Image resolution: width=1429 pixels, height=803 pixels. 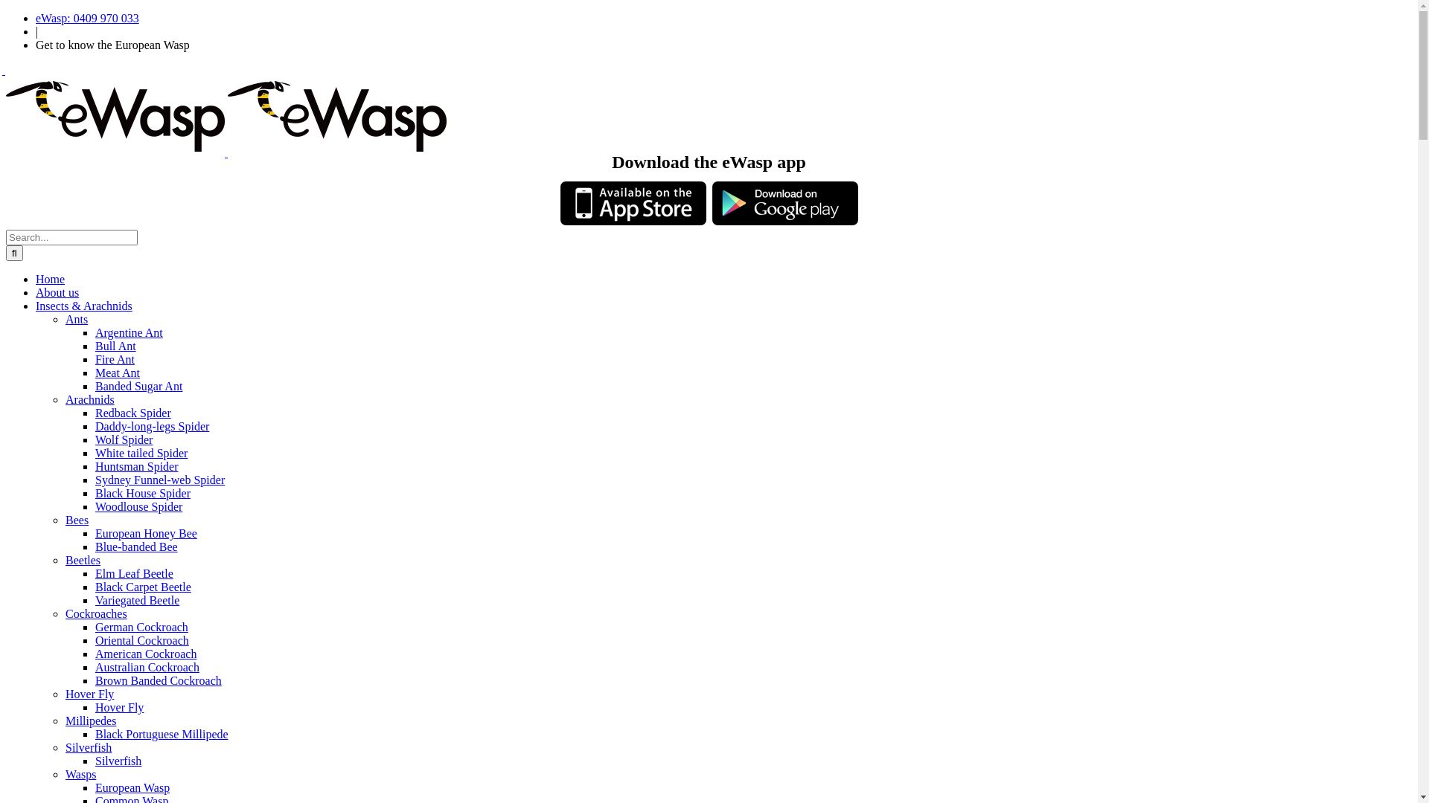 I want to click on 'Beetles', so click(x=82, y=560).